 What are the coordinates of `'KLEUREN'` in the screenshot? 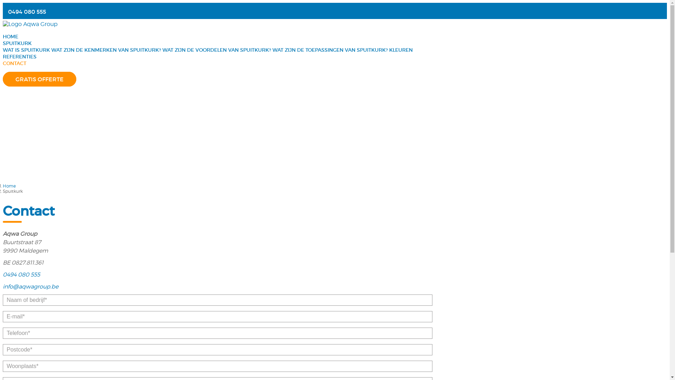 It's located at (401, 50).